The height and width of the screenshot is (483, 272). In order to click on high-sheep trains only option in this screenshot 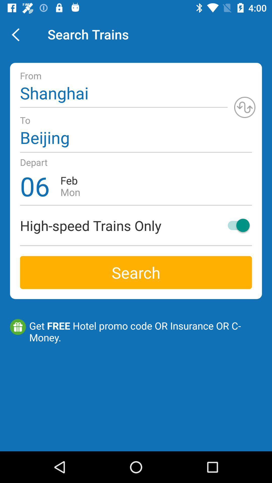, I will do `click(236, 225)`.